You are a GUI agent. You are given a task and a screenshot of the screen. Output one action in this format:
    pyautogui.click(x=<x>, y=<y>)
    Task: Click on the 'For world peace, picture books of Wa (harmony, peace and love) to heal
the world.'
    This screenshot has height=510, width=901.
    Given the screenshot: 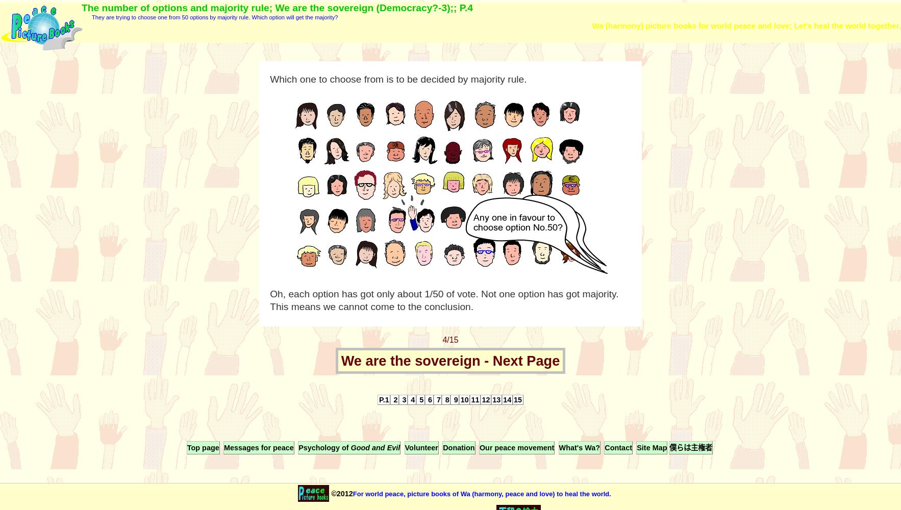 What is the action you would take?
    pyautogui.click(x=481, y=493)
    